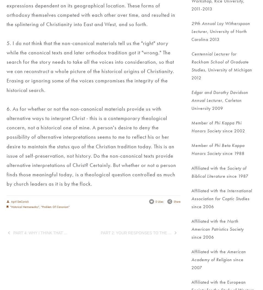  What do you see at coordinates (13, 233) in the screenshot?
I see `'Part 4: Why I think that ...'` at bounding box center [13, 233].